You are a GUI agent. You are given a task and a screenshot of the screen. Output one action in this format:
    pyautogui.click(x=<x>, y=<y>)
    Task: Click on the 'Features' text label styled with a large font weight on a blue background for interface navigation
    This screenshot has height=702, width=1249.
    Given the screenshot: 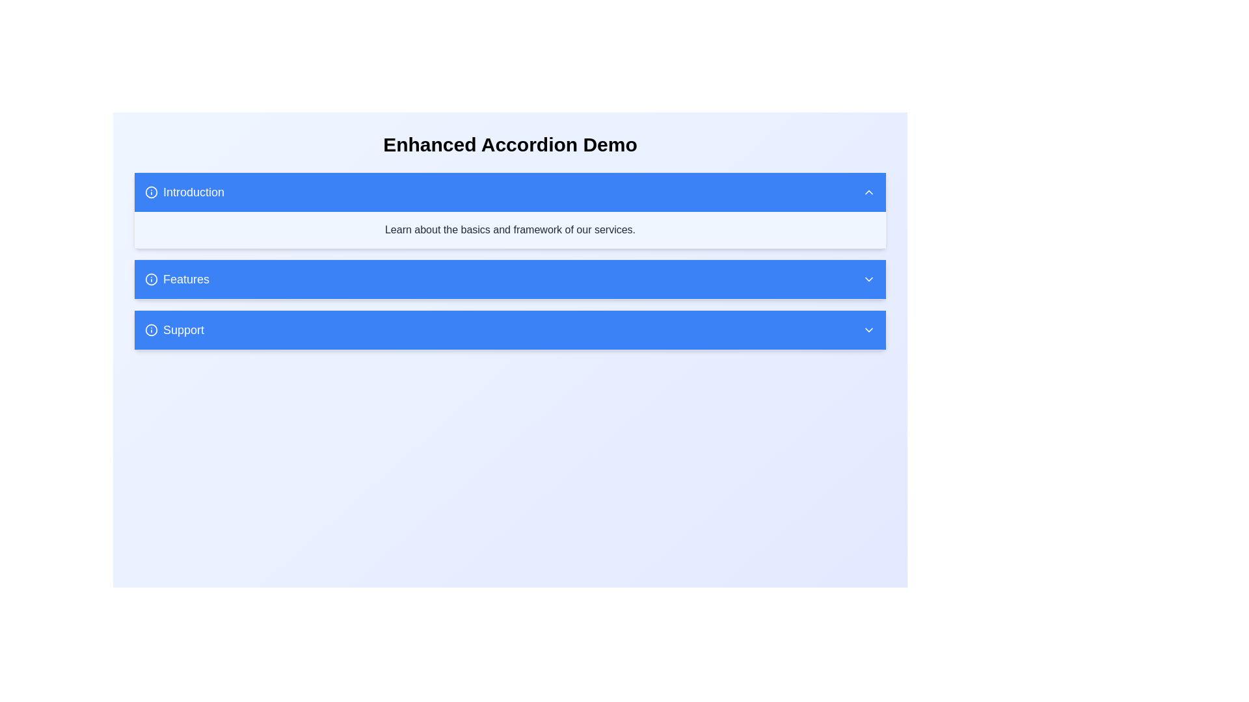 What is the action you would take?
    pyautogui.click(x=185, y=278)
    